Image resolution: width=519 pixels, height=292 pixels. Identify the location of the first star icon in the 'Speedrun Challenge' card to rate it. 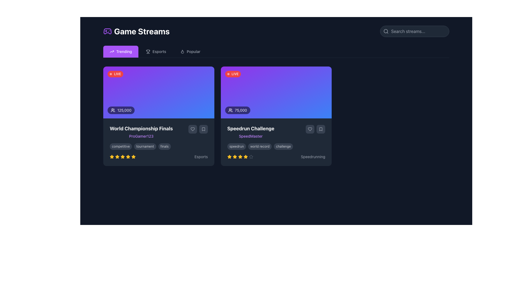
(229, 157).